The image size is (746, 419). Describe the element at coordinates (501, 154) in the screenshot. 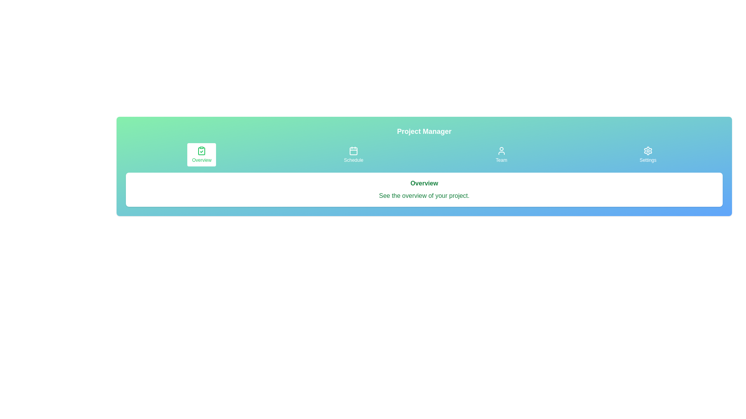

I see `the third button in the navigation bar` at that location.